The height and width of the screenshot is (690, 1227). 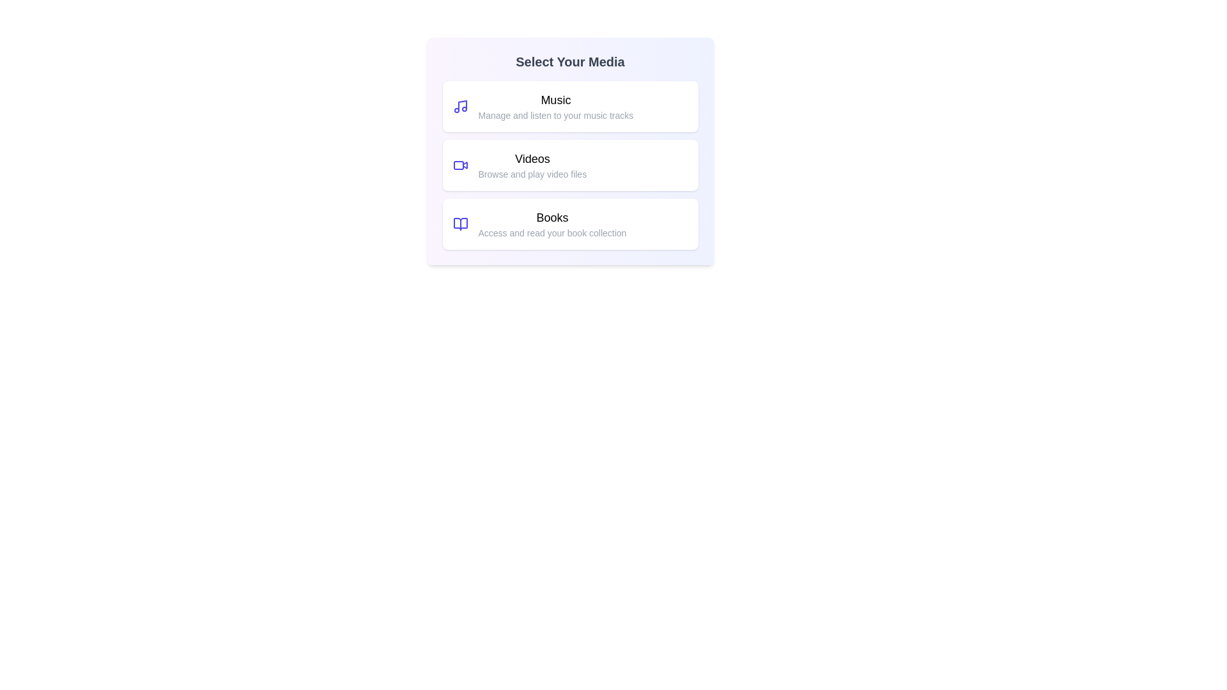 I want to click on the media option Music to see the hover effect, so click(x=569, y=105).